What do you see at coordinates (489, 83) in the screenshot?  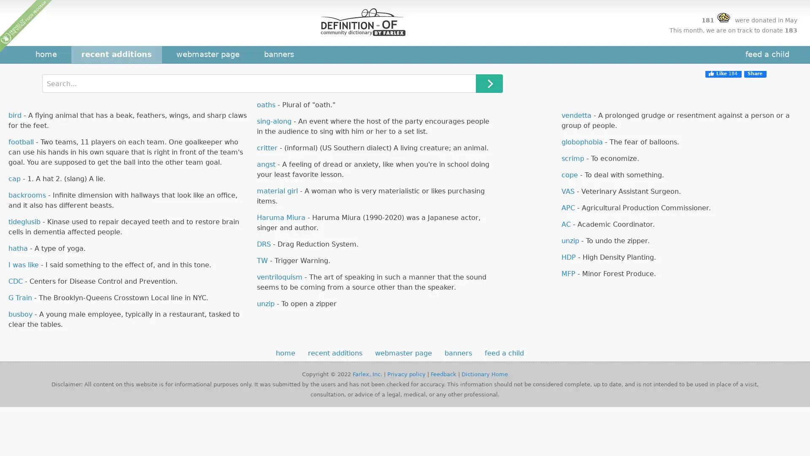 I see `Search` at bounding box center [489, 83].